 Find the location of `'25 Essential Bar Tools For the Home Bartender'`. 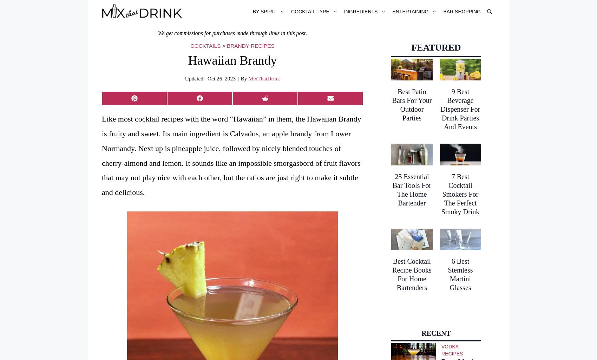

'25 Essential Bar Tools For the Home Bartender' is located at coordinates (411, 189).